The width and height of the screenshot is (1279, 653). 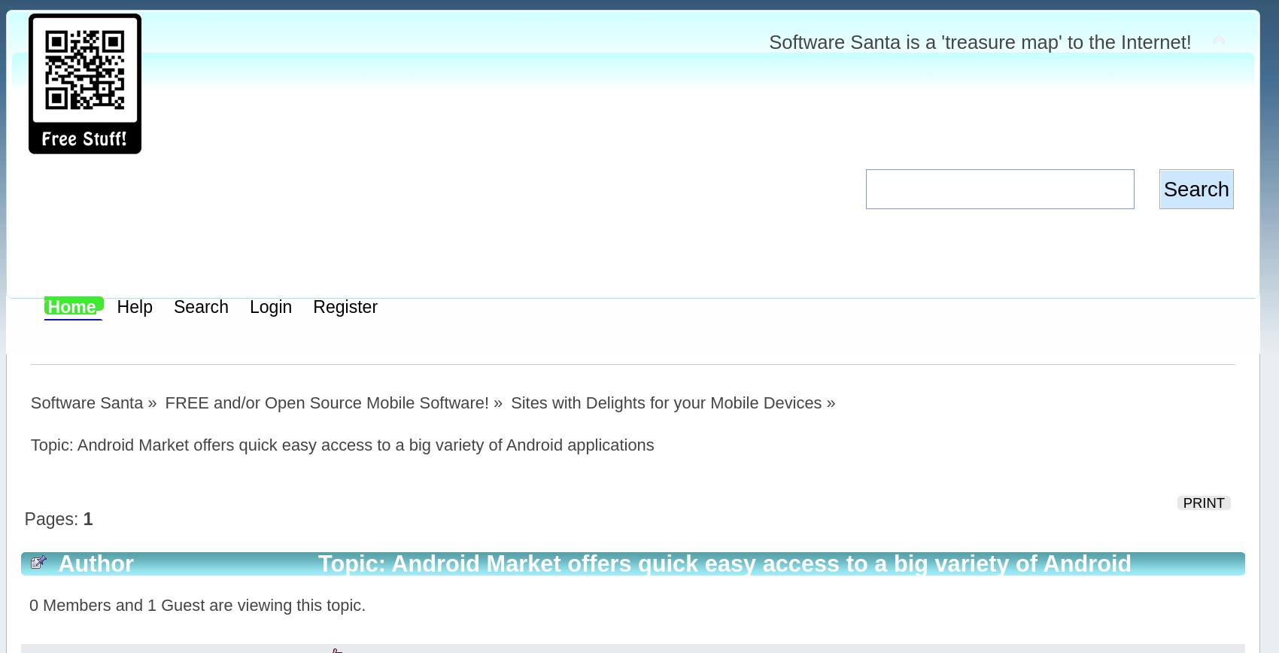 I want to click on 'Software Santa', so click(x=85, y=402).